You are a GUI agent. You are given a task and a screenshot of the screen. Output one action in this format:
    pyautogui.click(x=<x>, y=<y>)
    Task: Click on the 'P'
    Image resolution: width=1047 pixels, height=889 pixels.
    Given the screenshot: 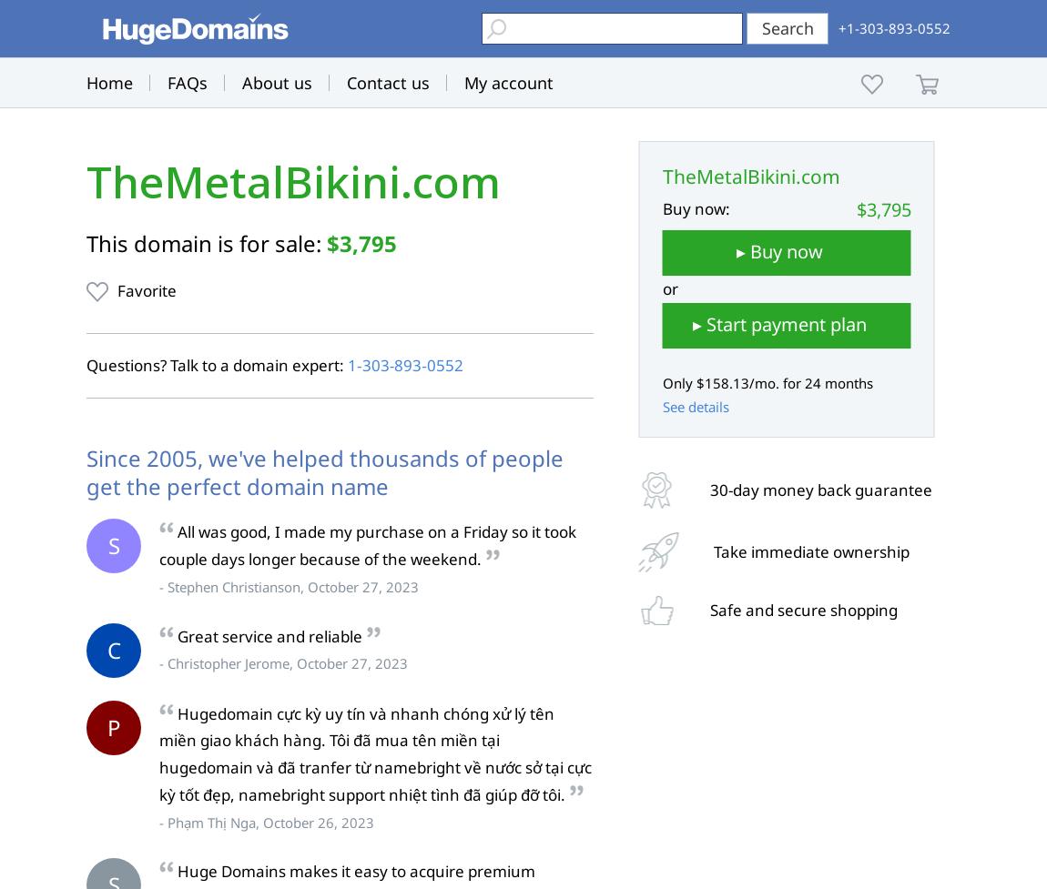 What is the action you would take?
    pyautogui.click(x=112, y=726)
    